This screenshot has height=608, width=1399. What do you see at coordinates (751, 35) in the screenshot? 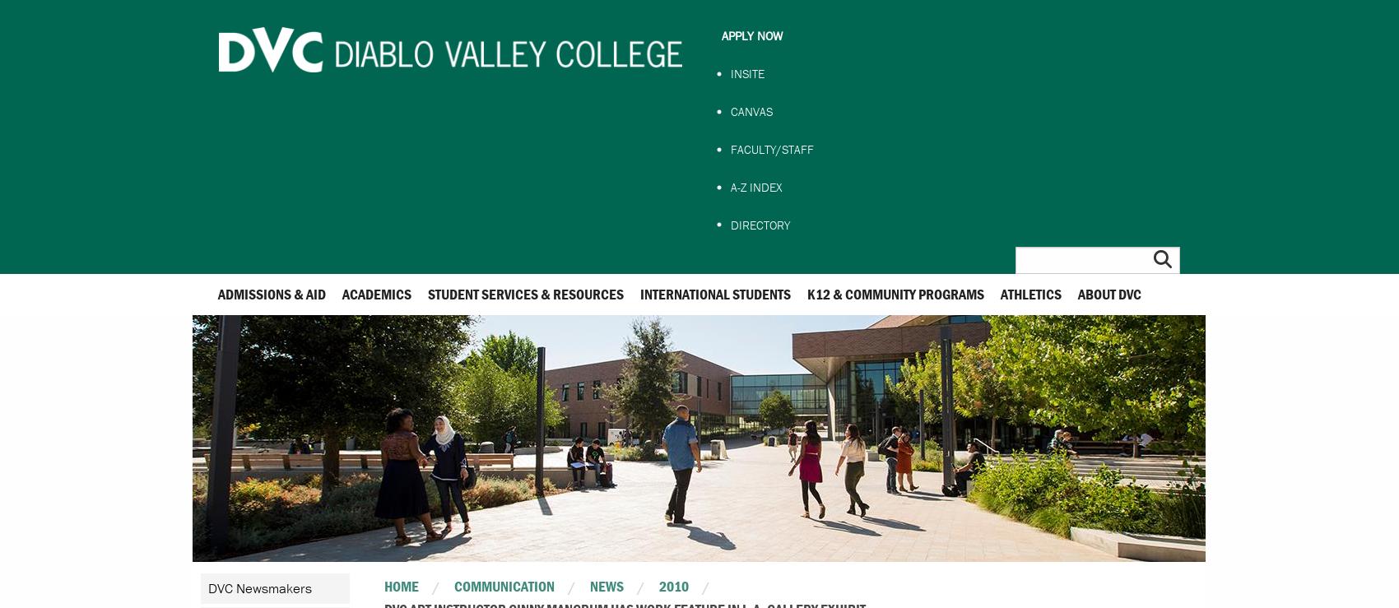
I see `'Apply Now'` at bounding box center [751, 35].